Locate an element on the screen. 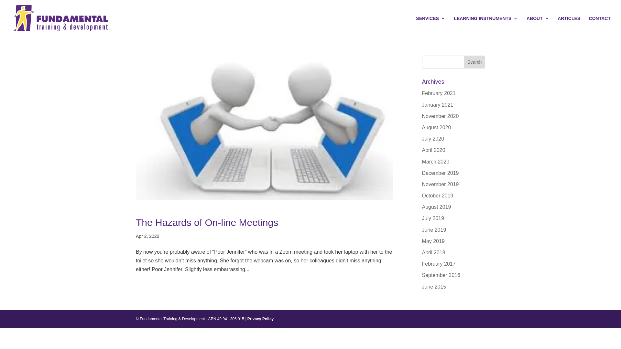 The width and height of the screenshot is (621, 349). 'October 2019' is located at coordinates (438, 195).